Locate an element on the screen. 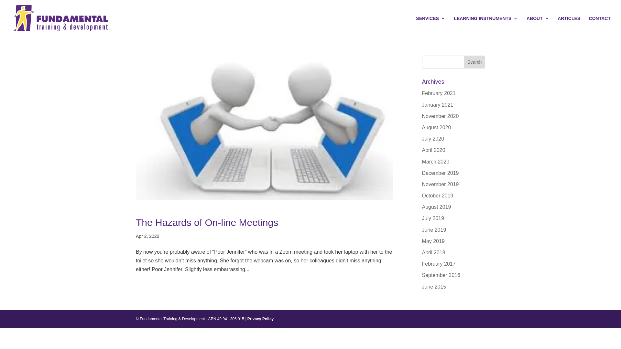 The width and height of the screenshot is (621, 349). 'October 2019' is located at coordinates (438, 195).